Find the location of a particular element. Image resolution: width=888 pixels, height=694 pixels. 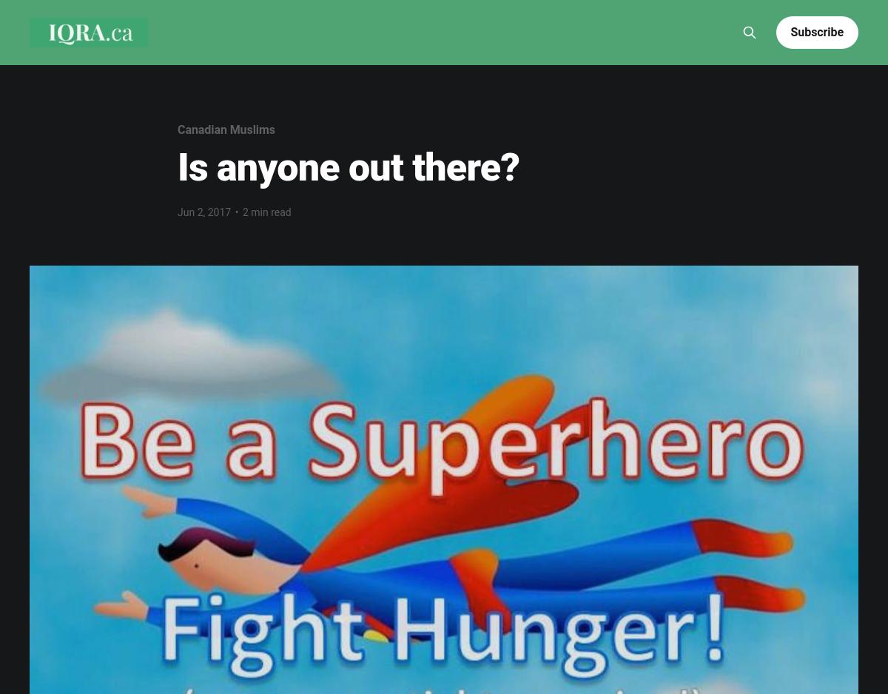

'Interfaith' is located at coordinates (530, 10).